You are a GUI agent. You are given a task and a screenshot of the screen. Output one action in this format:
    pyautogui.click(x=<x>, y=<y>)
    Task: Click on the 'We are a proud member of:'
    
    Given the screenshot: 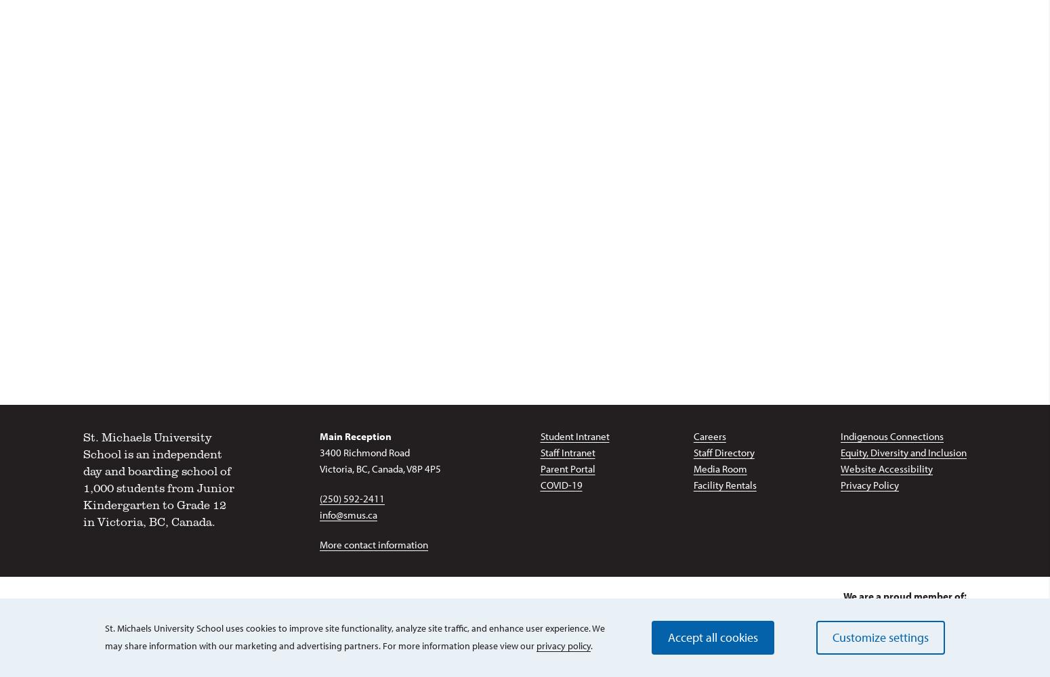 What is the action you would take?
    pyautogui.click(x=842, y=596)
    